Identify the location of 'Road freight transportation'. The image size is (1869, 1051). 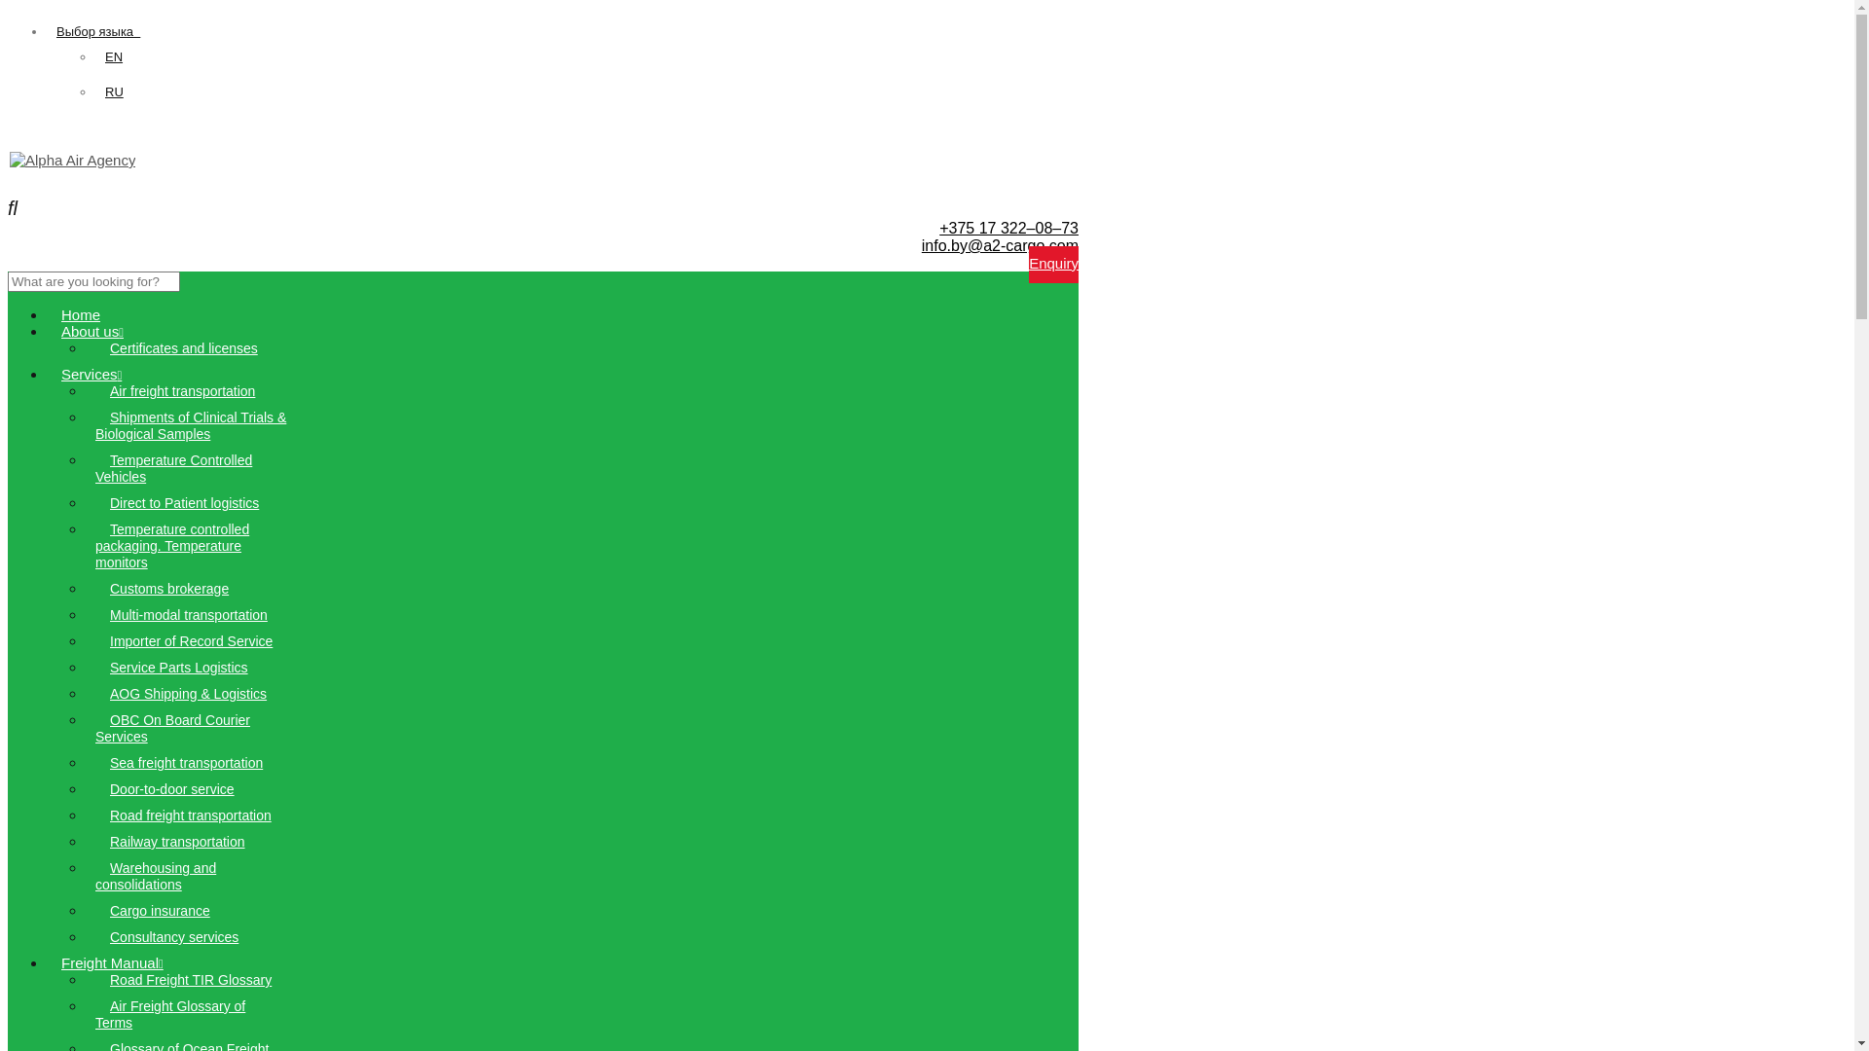
(191, 815).